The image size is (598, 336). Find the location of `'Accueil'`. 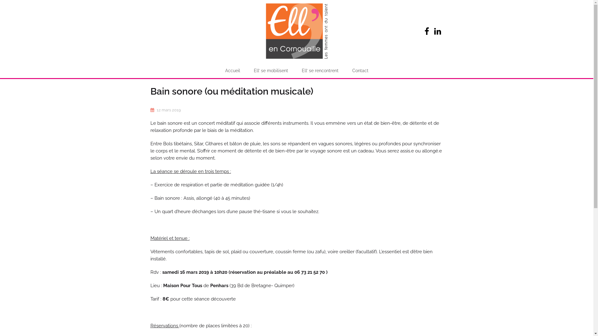

'Accueil' is located at coordinates (232, 70).